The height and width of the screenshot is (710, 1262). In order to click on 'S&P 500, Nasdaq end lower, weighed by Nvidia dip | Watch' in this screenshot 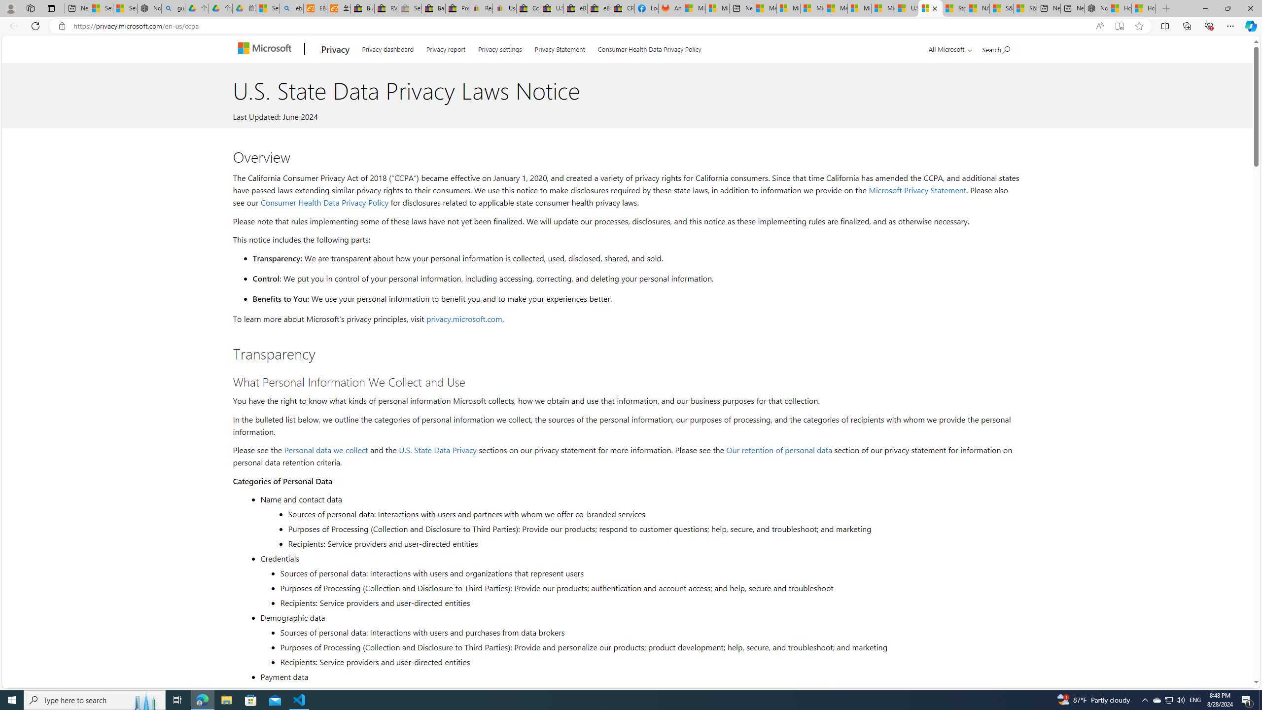, I will do `click(1025, 8)`.